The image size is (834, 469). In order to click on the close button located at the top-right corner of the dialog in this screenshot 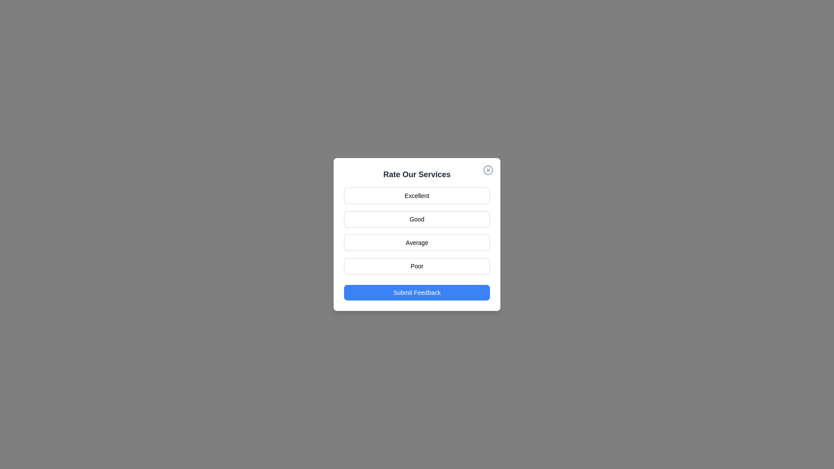, I will do `click(488, 170)`.